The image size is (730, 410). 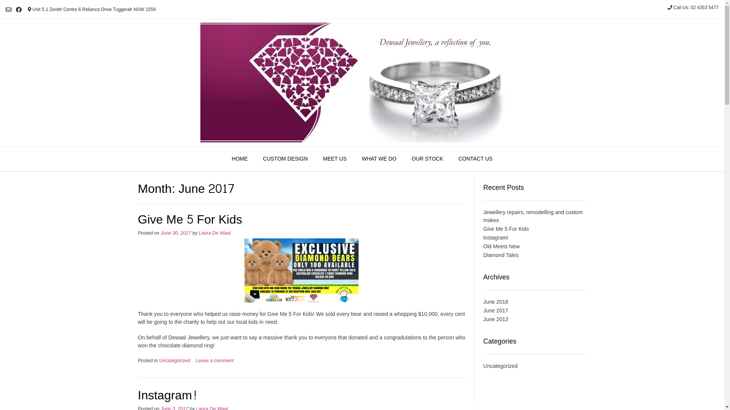 I want to click on 'June 2018', so click(x=495, y=301).